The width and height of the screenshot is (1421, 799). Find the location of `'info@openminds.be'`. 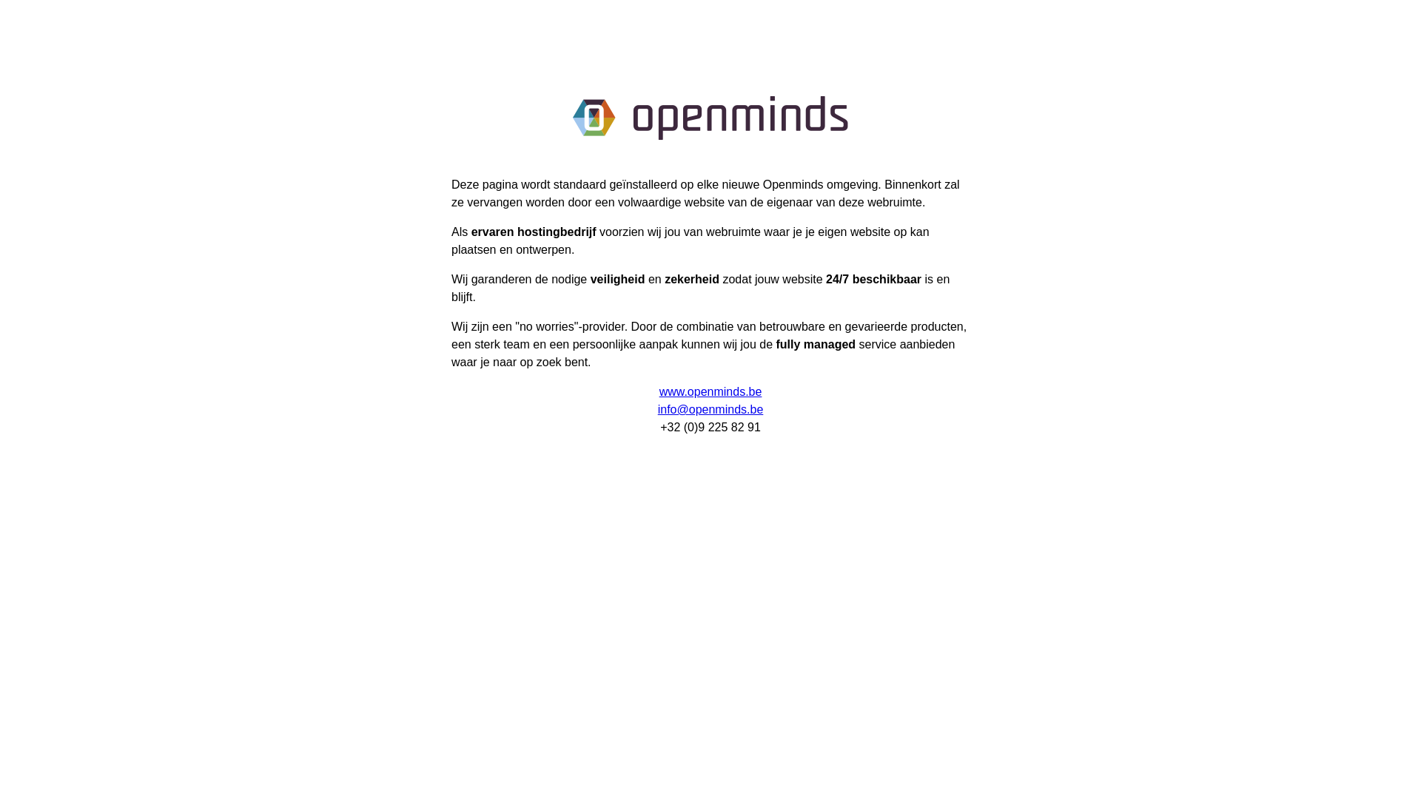

'info@openminds.be' is located at coordinates (710, 409).